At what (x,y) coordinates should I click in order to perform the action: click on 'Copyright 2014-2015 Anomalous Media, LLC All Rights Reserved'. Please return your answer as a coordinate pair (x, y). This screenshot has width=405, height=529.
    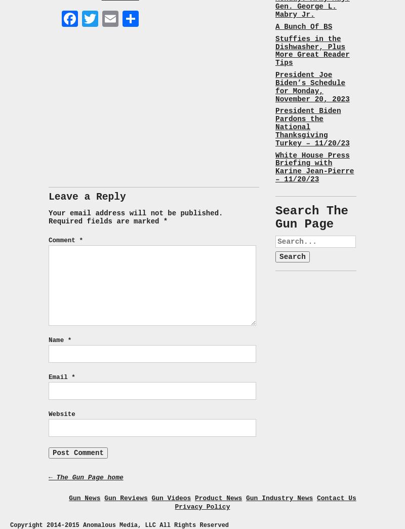
    Looking at the image, I should click on (119, 524).